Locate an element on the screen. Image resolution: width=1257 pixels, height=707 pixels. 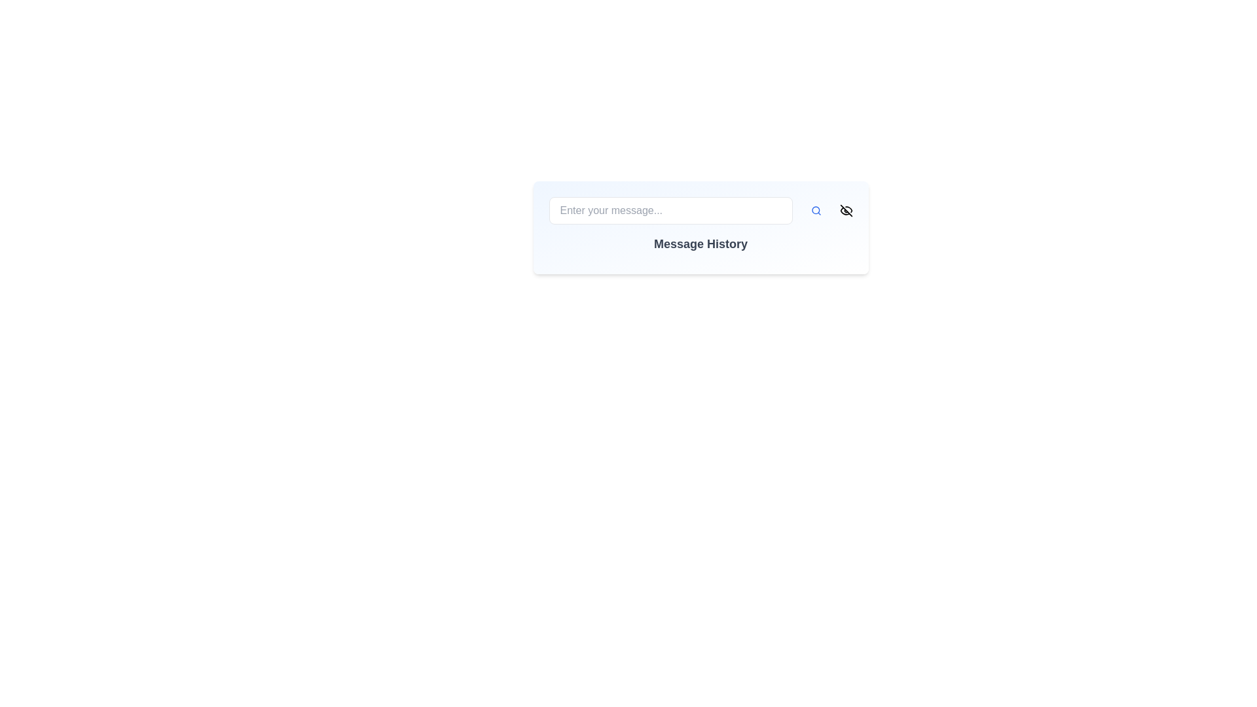
the blue magnifying glass icon located next to the right edge of the input field is located at coordinates (815, 209).